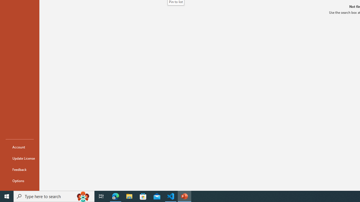 This screenshot has height=202, width=360. I want to click on 'Account', so click(19, 147).